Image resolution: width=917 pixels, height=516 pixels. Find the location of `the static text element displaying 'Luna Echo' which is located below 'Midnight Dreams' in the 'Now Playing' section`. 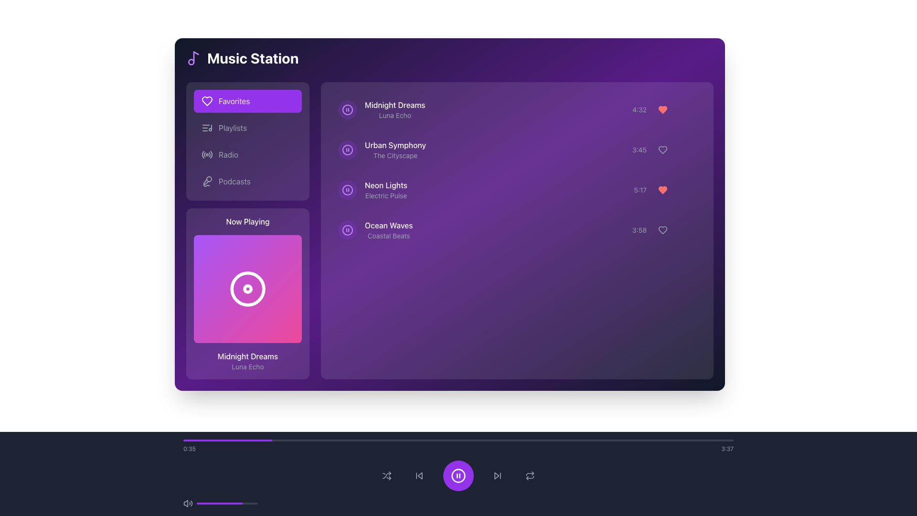

the static text element displaying 'Luna Echo' which is located below 'Midnight Dreams' in the 'Now Playing' section is located at coordinates (247, 366).